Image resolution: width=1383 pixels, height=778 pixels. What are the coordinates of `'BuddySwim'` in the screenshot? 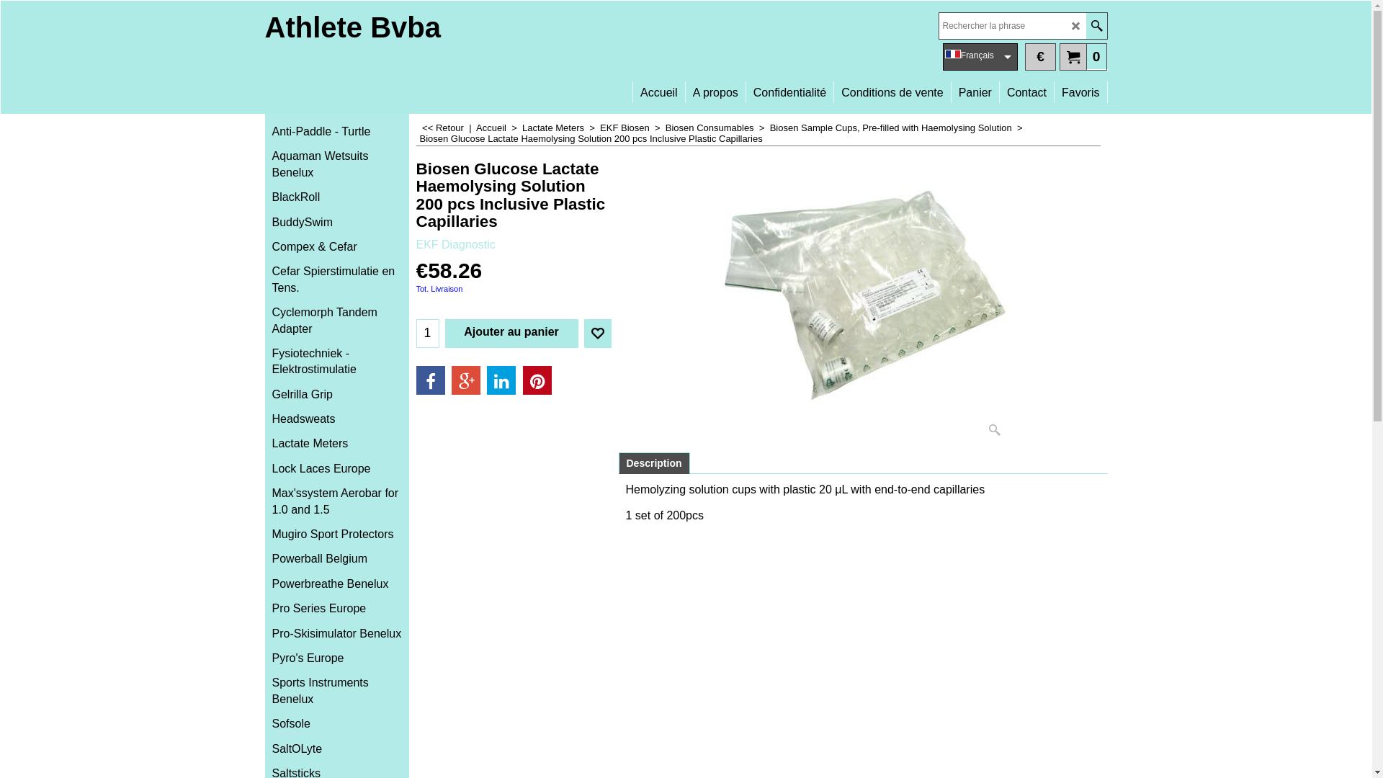 It's located at (336, 222).